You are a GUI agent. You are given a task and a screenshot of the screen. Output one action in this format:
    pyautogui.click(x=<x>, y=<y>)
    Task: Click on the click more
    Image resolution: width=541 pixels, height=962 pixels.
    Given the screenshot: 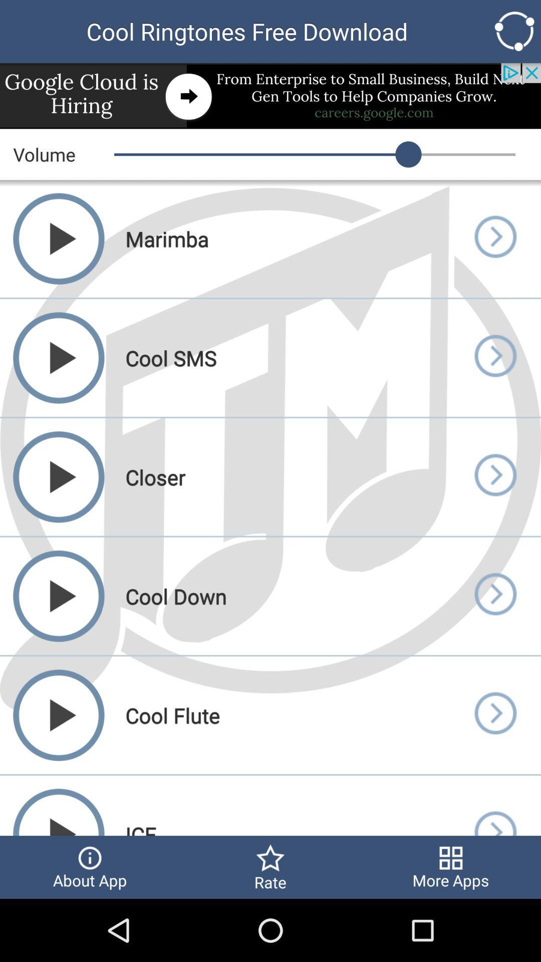 What is the action you would take?
    pyautogui.click(x=494, y=238)
    